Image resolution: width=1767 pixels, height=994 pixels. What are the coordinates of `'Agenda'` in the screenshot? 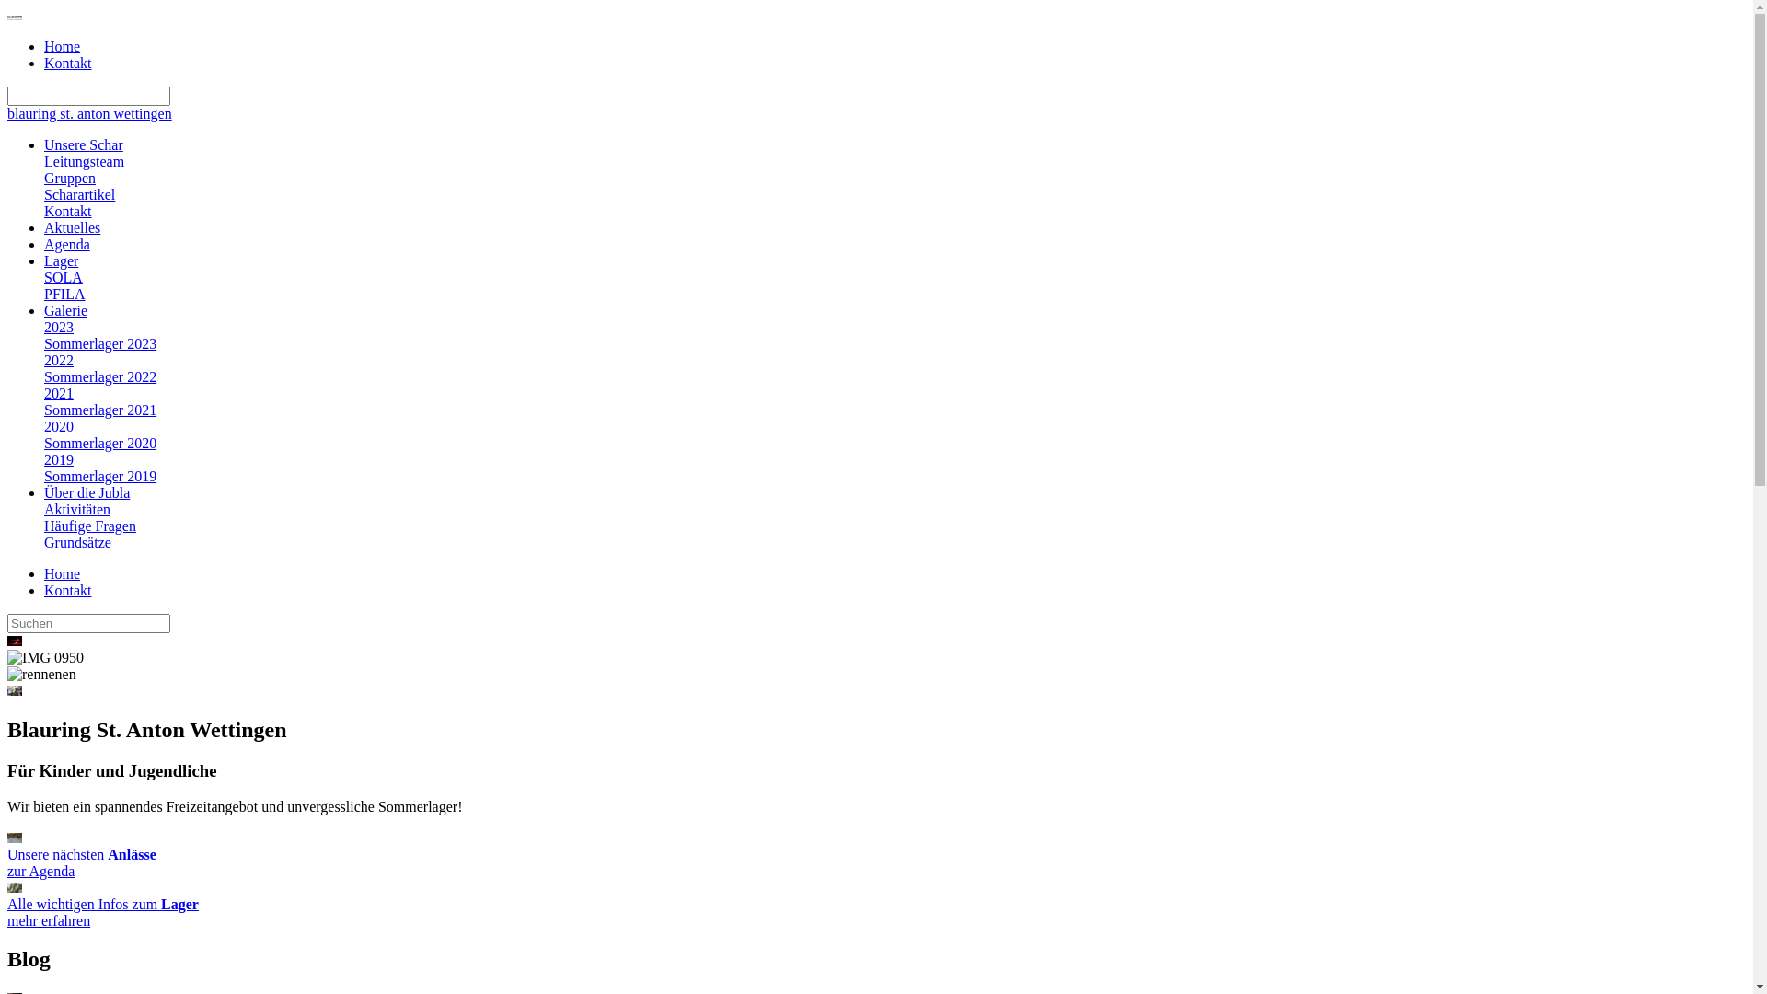 It's located at (66, 243).